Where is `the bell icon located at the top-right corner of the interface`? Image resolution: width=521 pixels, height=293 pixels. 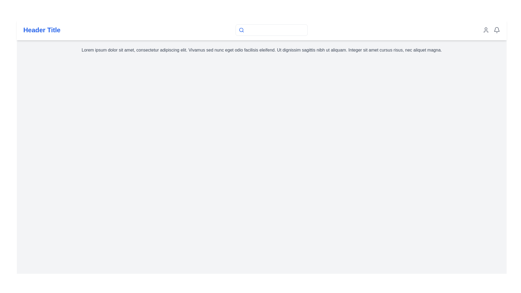 the bell icon located at the top-right corner of the interface is located at coordinates (497, 29).